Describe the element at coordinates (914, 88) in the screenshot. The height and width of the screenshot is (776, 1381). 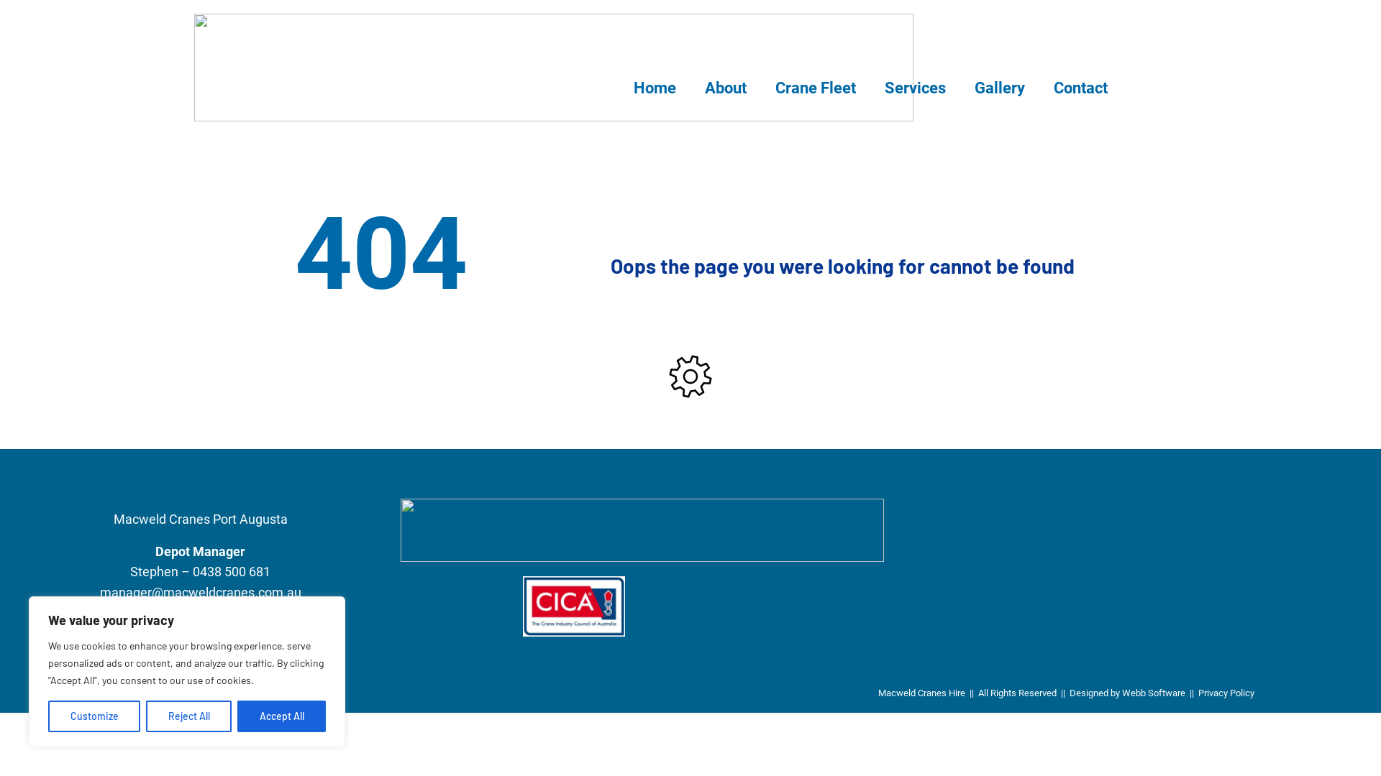
I see `'Services'` at that location.